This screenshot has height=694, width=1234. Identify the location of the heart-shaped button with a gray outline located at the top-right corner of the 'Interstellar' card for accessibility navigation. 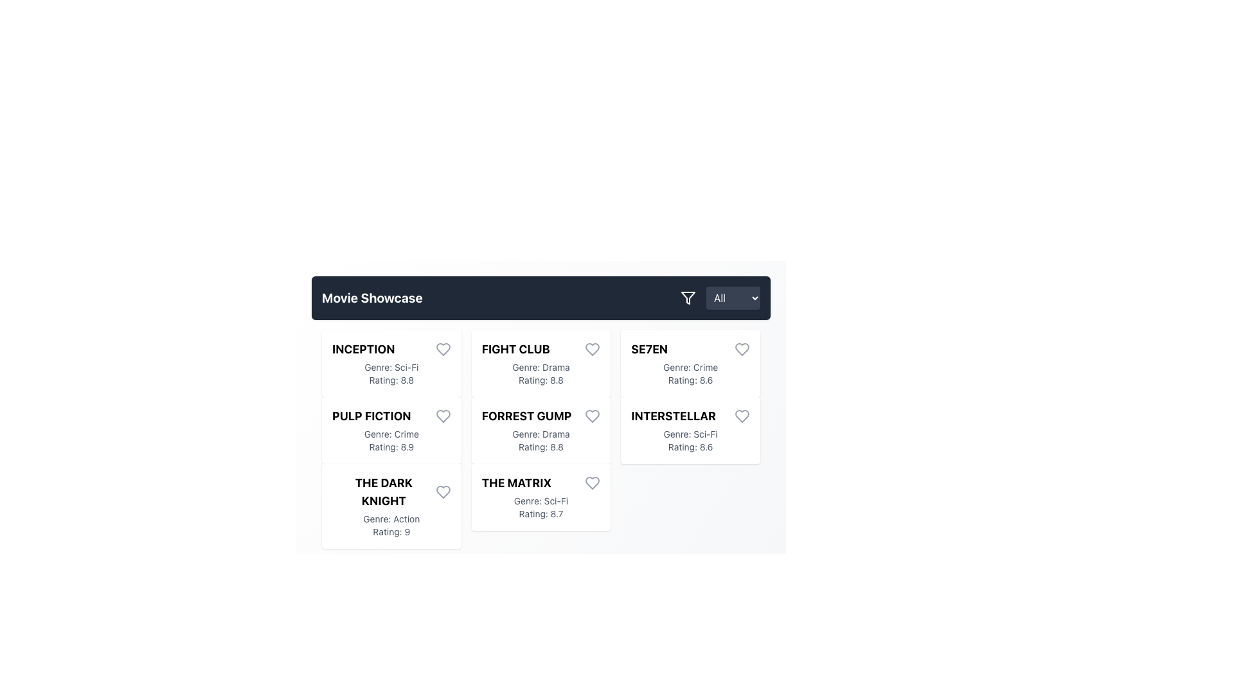
(742, 416).